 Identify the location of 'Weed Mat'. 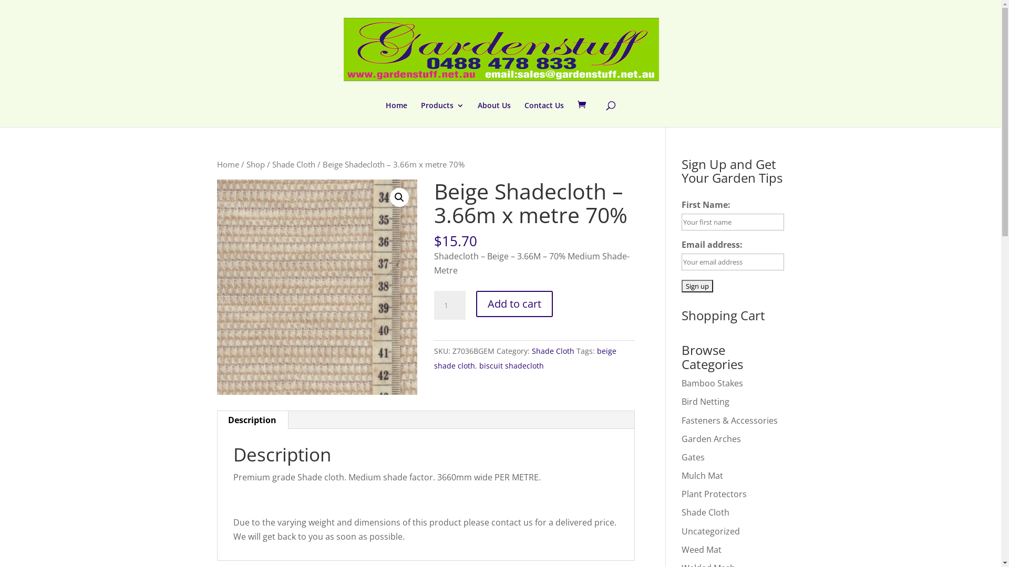
(701, 549).